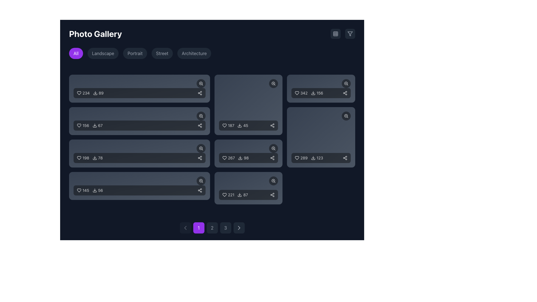 This screenshot has width=537, height=302. Describe the element at coordinates (201, 181) in the screenshot. I see `the primary circular graphical component within the magnifying glass icon located in the bottom right corner of the tile displaying '145' likes and '56' downloads` at that location.